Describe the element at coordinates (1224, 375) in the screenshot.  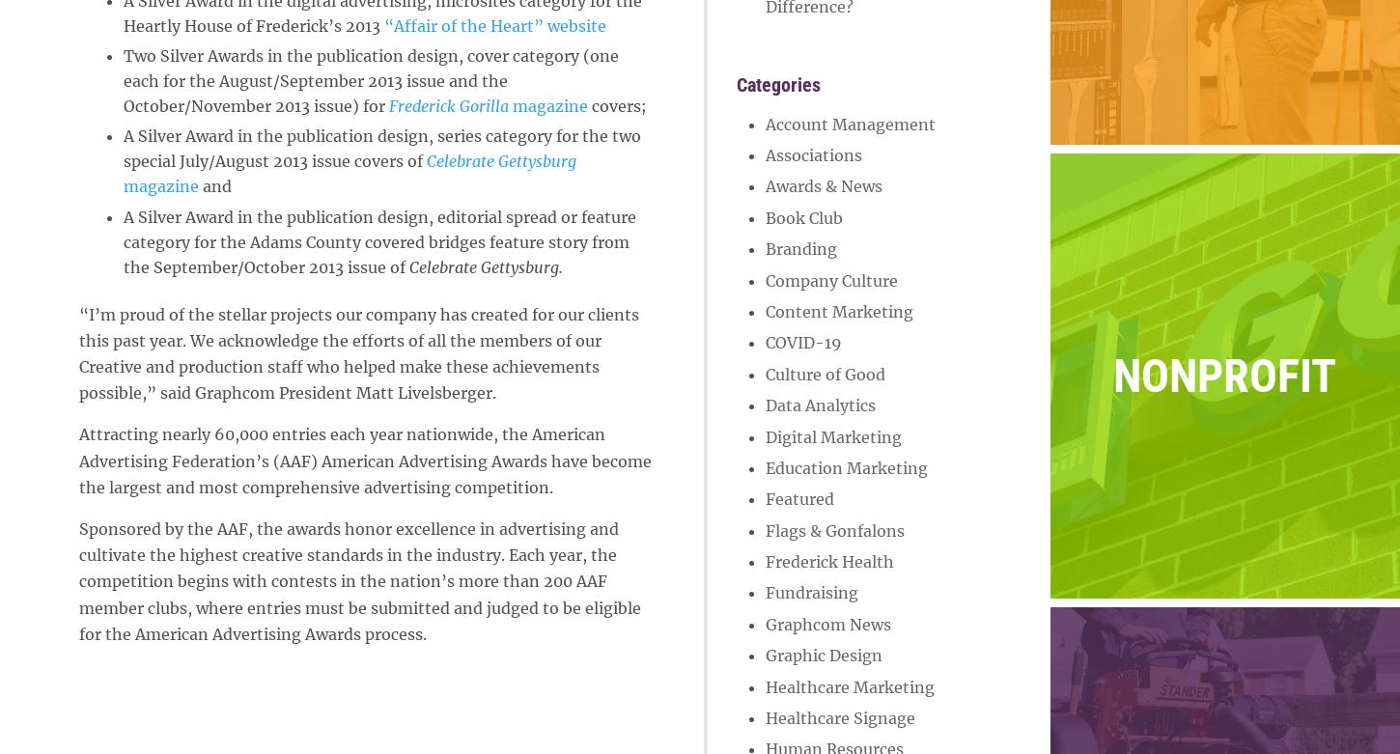
I see `'Nonprofit'` at that location.